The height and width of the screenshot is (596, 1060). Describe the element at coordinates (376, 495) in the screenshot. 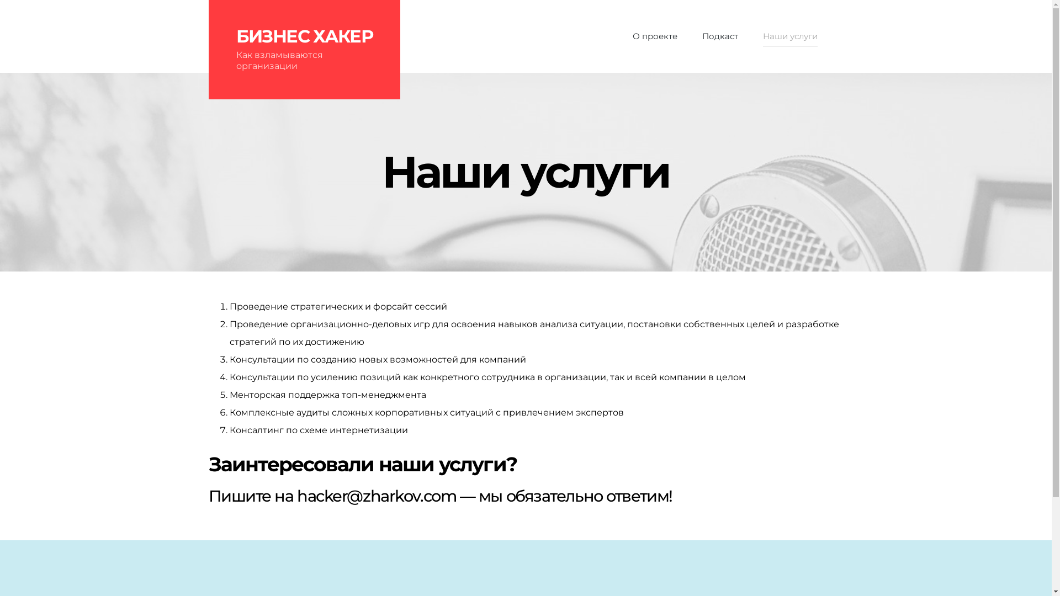

I see `'hacker@zharkov.com'` at that location.